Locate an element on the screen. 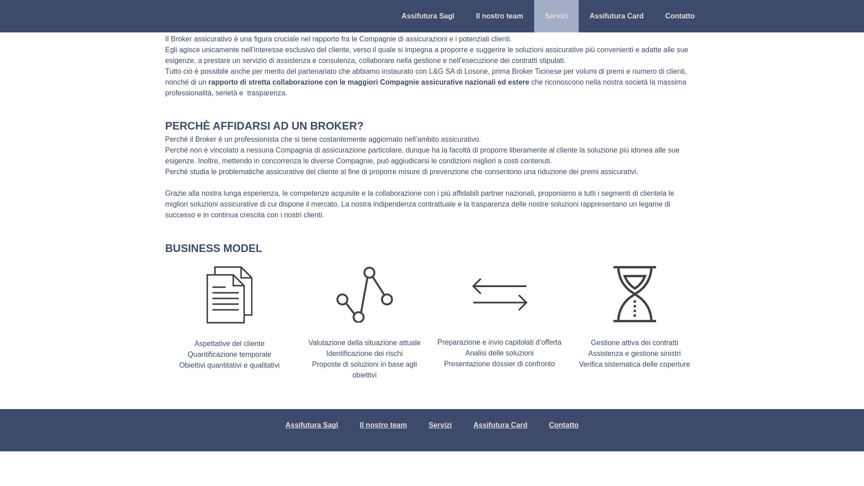 Image resolution: width=864 pixels, height=486 pixels. 'Servizi' is located at coordinates (440, 425).